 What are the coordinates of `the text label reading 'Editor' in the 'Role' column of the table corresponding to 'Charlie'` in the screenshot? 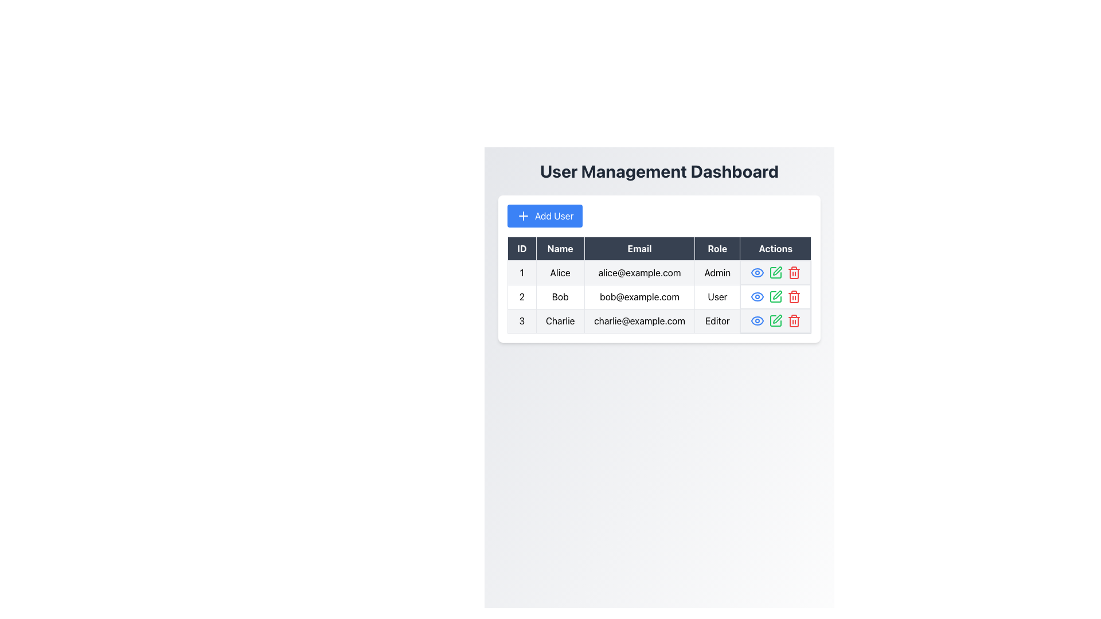 It's located at (717, 321).